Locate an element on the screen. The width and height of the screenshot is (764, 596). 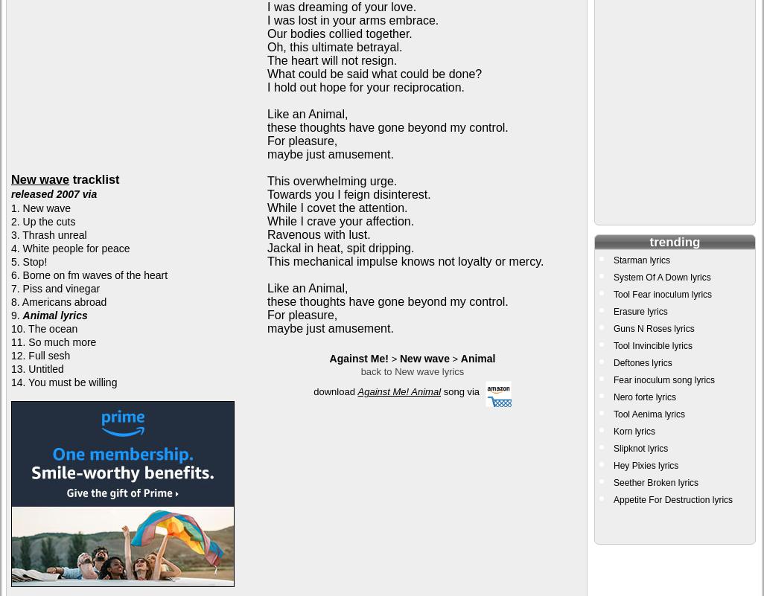
'Appetite For Destruction lyrics' is located at coordinates (672, 500).